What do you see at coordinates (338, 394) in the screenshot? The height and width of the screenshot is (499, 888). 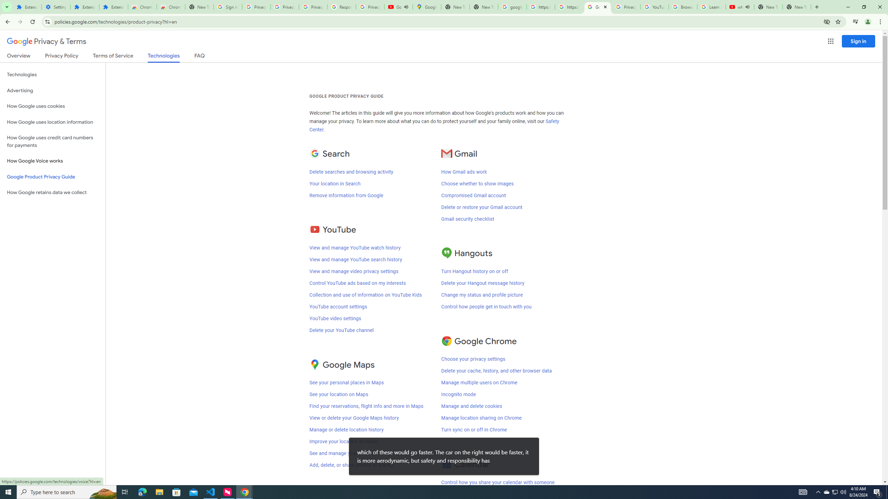 I see `'See your location on Maps'` at bounding box center [338, 394].